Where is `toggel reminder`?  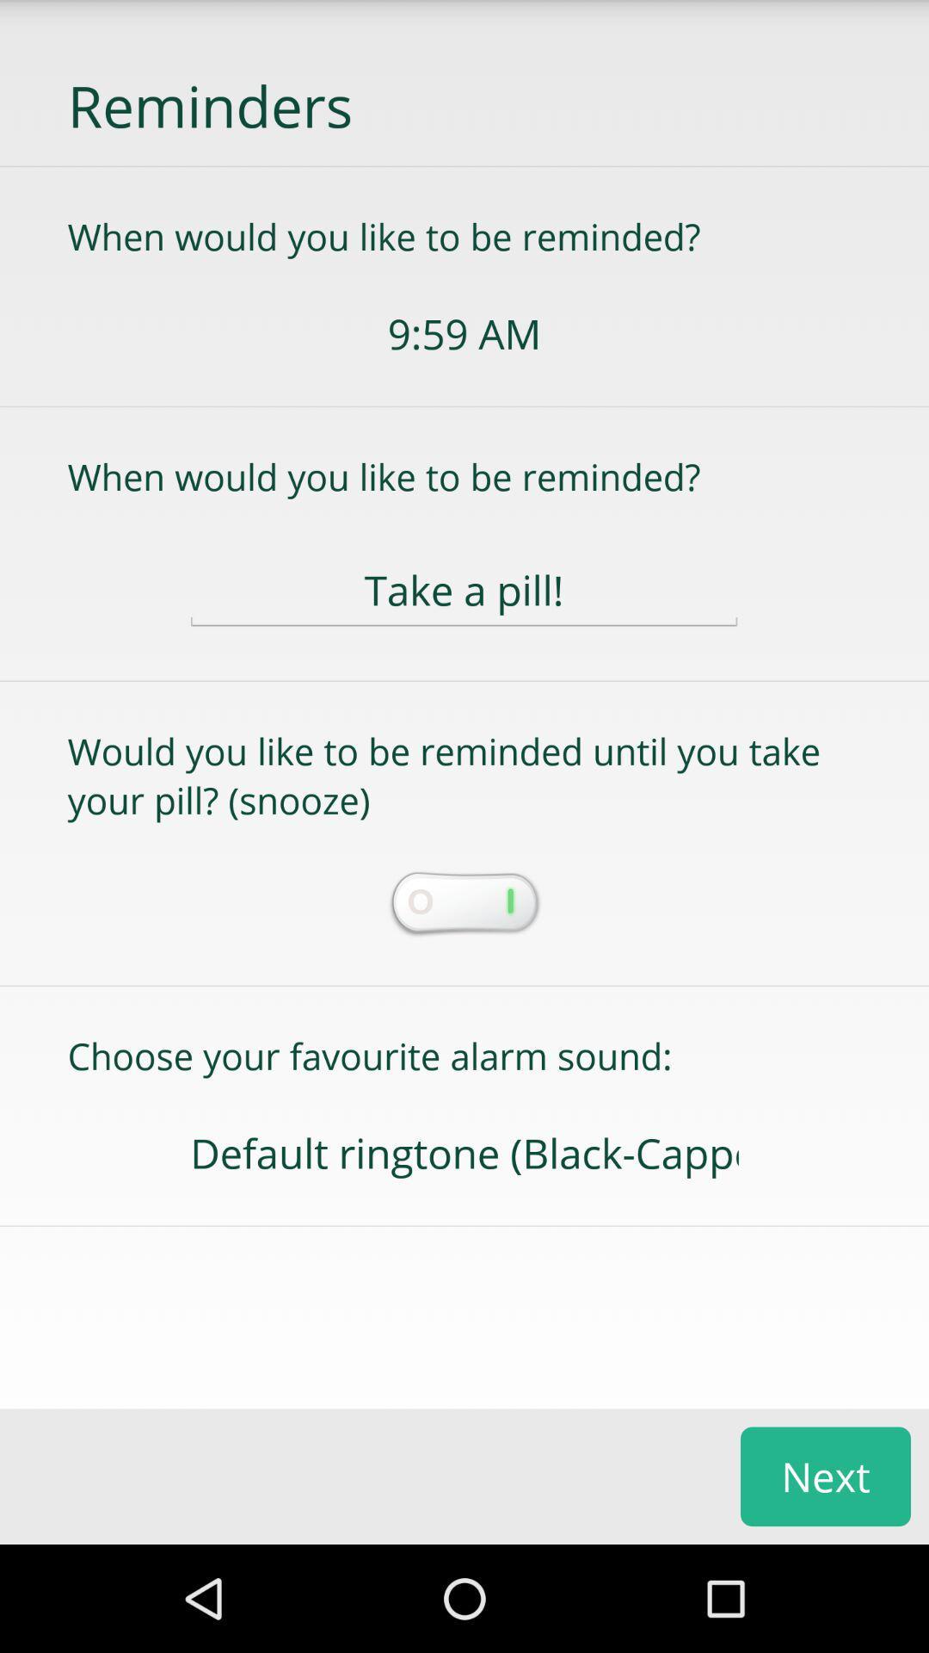 toggel reminder is located at coordinates (463, 904).